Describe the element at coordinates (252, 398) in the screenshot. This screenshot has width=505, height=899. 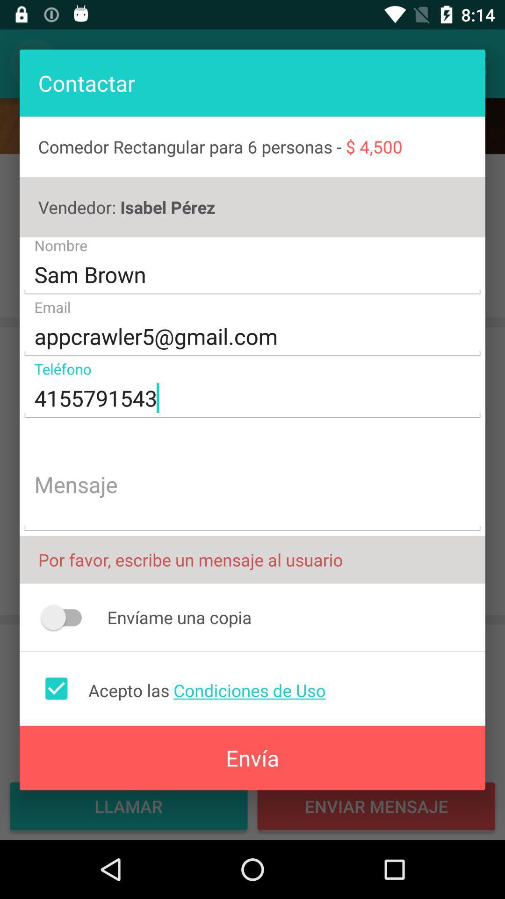
I see `icon below the appcrawler5@gmail.com icon` at that location.